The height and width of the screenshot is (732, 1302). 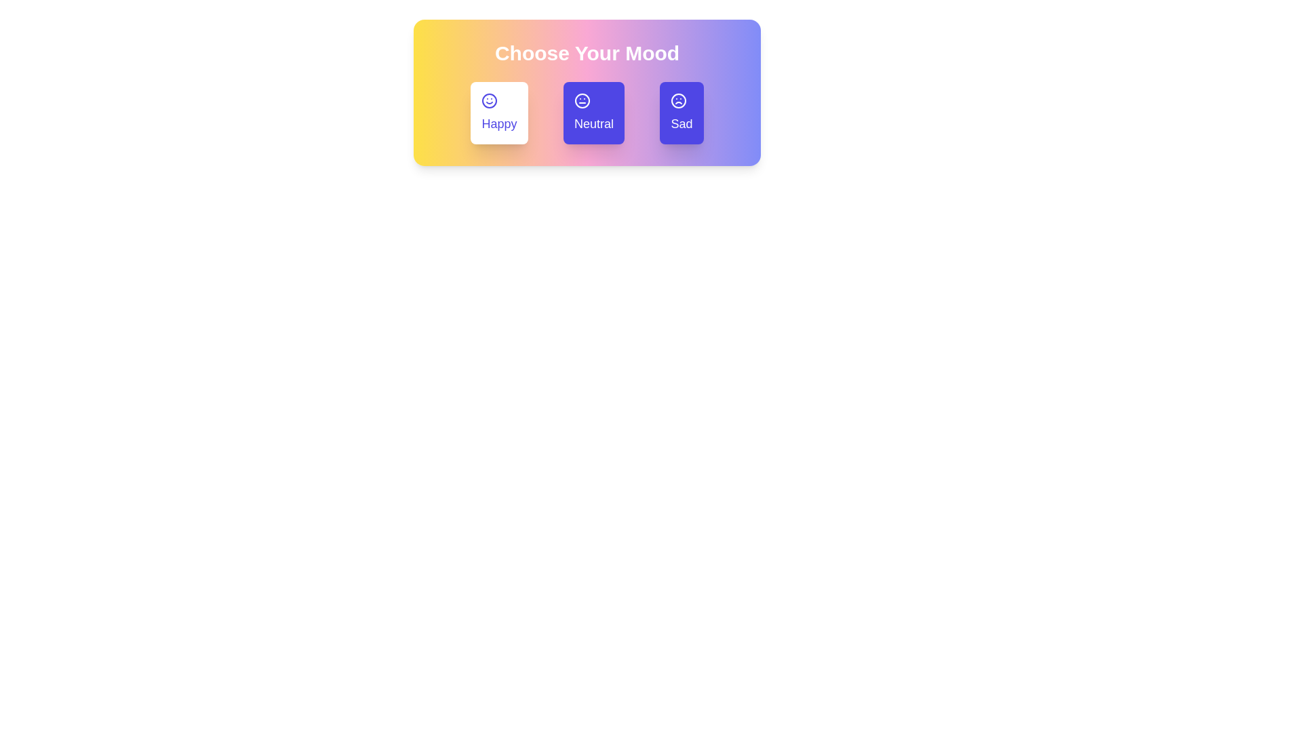 I want to click on the mood button labeled Sad, so click(x=681, y=112).